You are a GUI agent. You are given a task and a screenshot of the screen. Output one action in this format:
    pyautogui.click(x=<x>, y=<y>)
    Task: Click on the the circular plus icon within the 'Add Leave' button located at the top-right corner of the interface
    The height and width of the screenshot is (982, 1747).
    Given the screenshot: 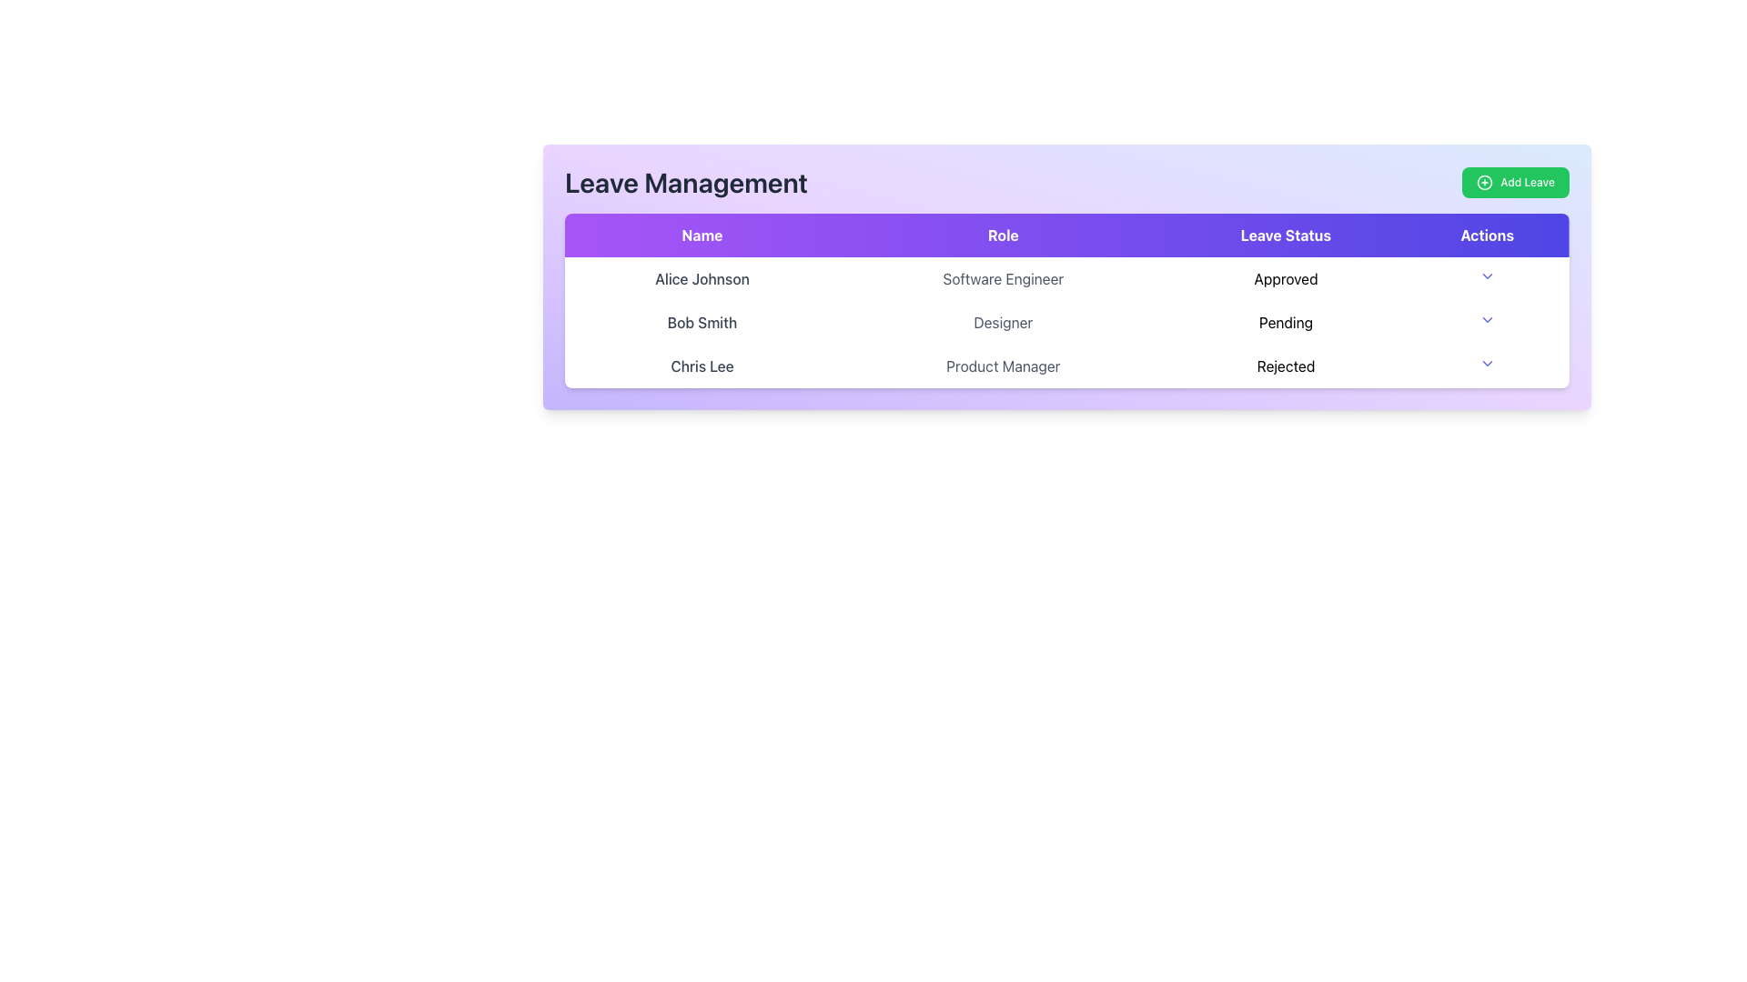 What is the action you would take?
    pyautogui.click(x=1485, y=182)
    